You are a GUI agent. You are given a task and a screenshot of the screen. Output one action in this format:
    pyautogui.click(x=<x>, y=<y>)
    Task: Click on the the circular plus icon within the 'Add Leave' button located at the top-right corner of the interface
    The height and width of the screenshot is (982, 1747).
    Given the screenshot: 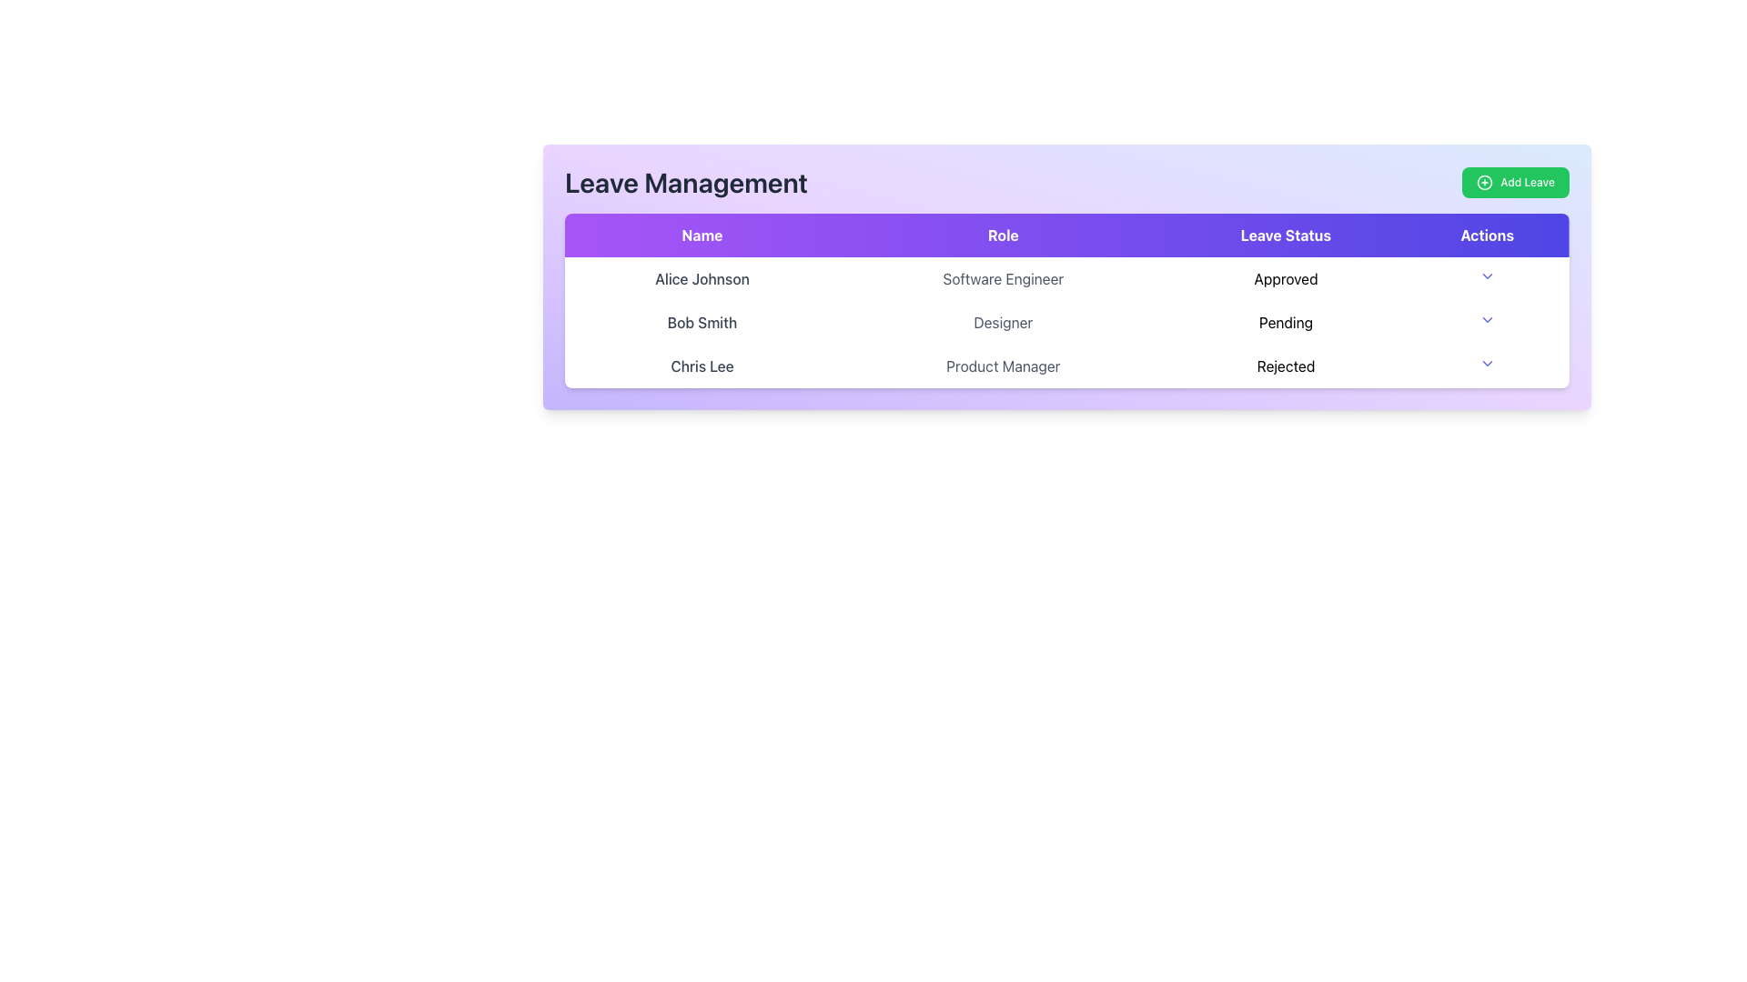 What is the action you would take?
    pyautogui.click(x=1485, y=182)
    